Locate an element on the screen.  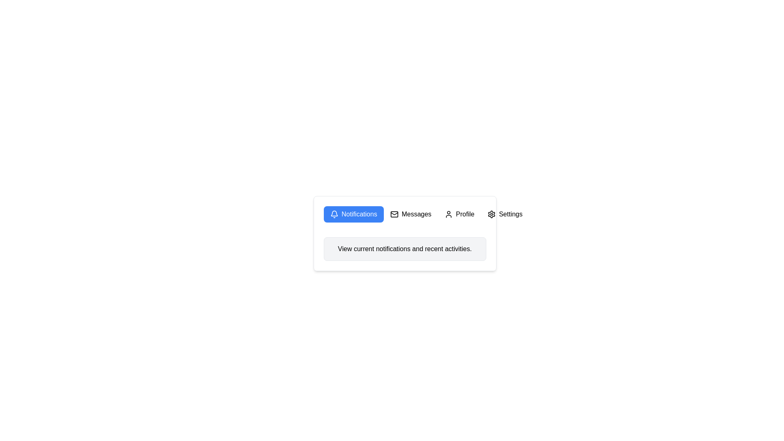
the notification icon located at the leftmost side of the blue 'Notifications' button is located at coordinates (334, 214).